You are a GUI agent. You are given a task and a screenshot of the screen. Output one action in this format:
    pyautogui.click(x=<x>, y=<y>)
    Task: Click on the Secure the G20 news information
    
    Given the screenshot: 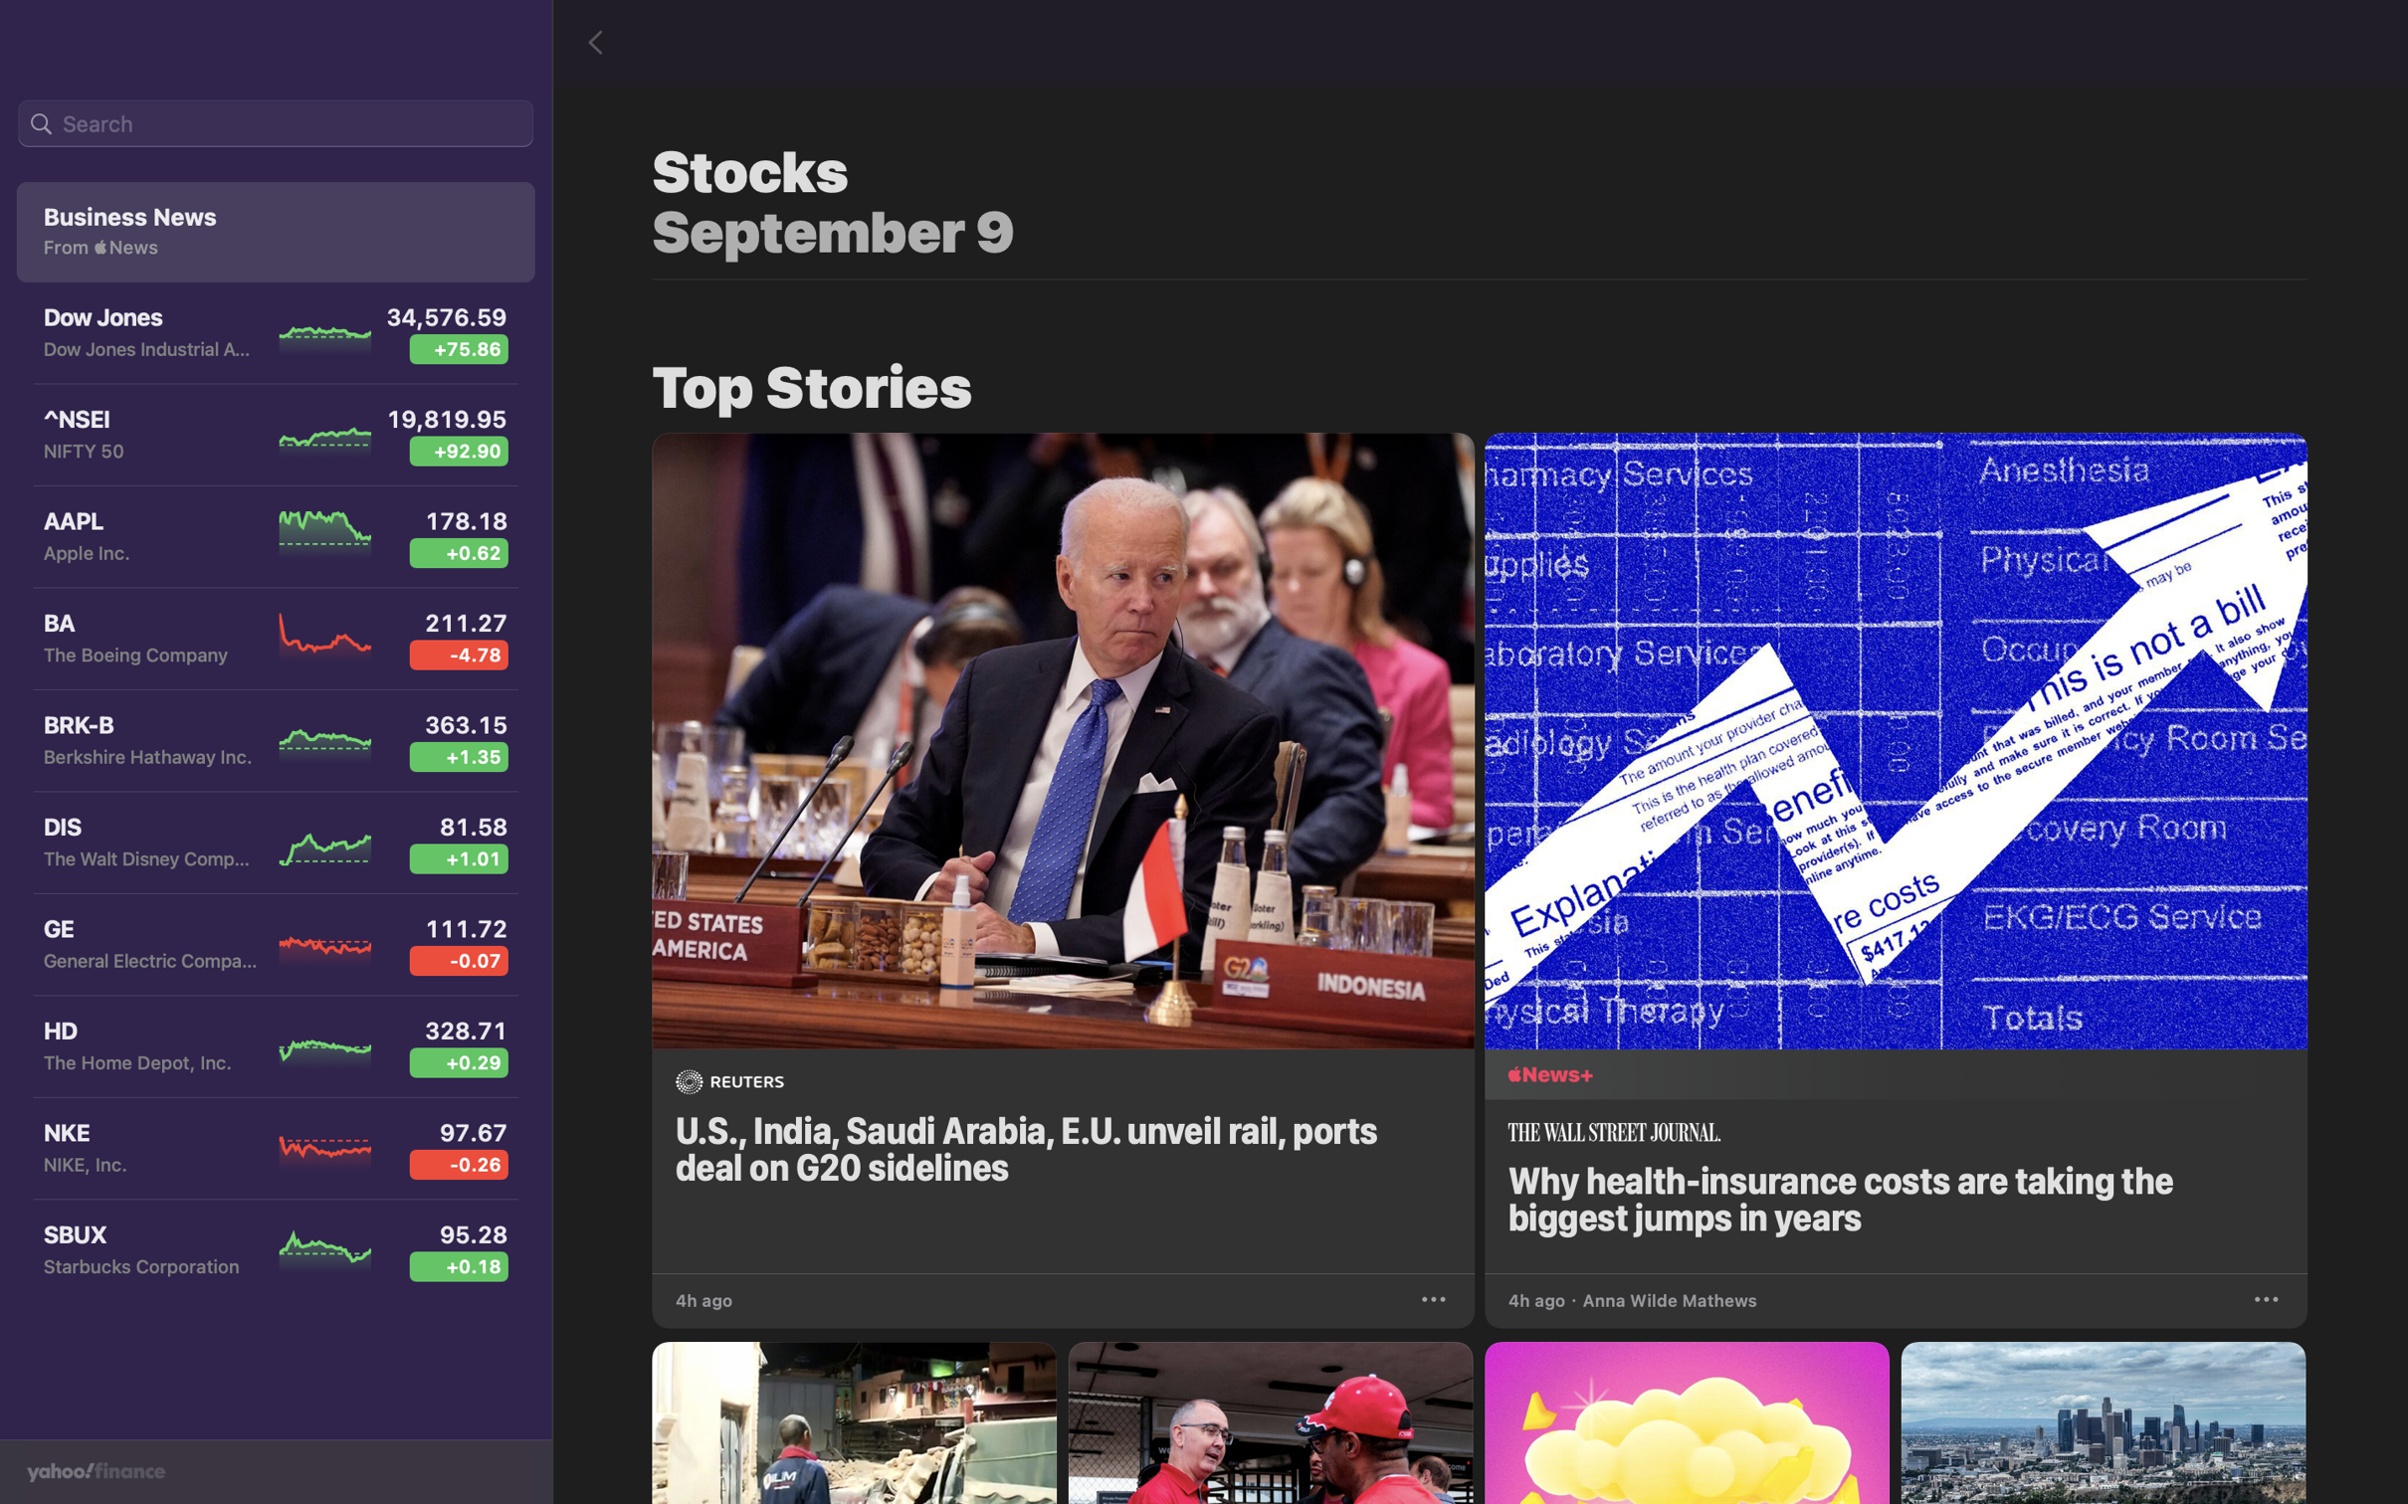 What is the action you would take?
    pyautogui.click(x=1436, y=1296)
    